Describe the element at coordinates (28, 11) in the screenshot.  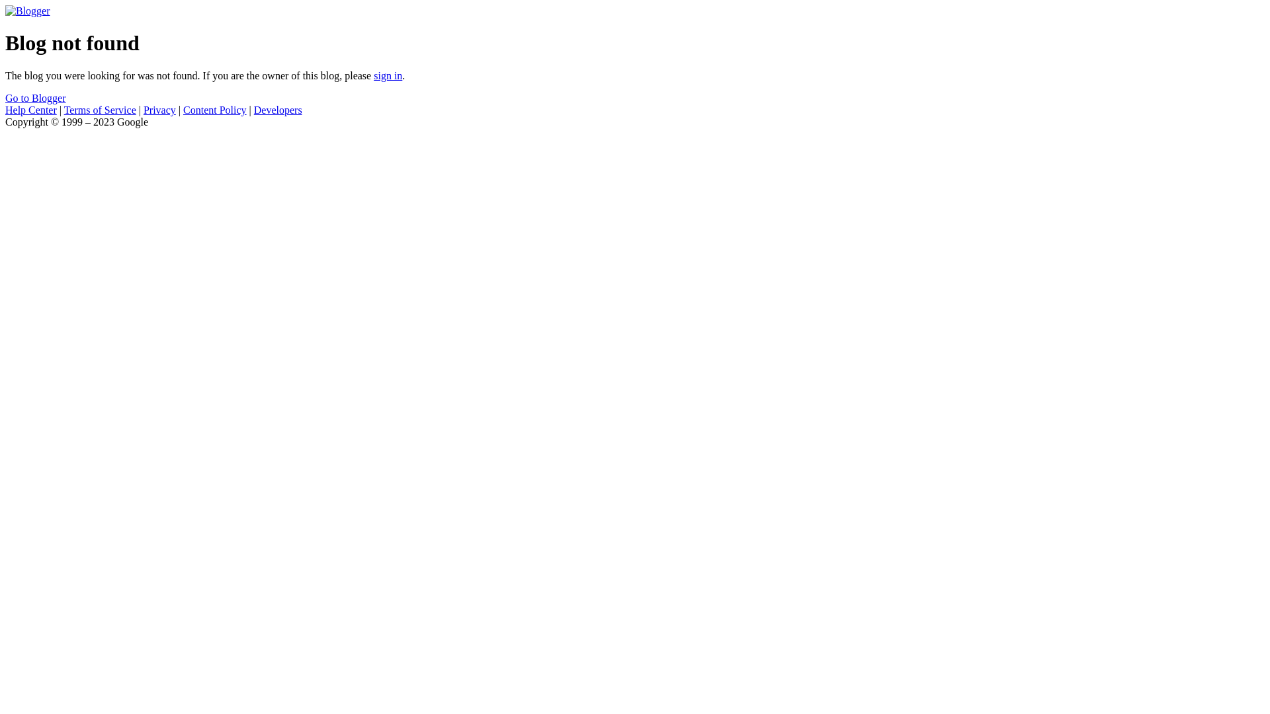
I see `'Blogger home'` at that location.